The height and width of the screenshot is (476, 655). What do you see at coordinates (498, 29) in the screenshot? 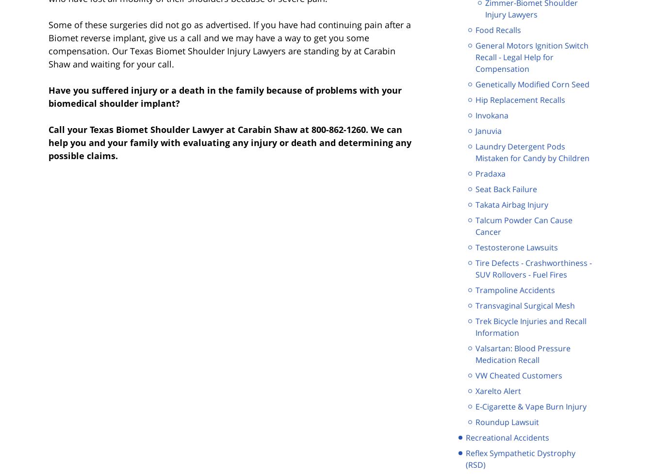
I see `'Food Recalls'` at bounding box center [498, 29].